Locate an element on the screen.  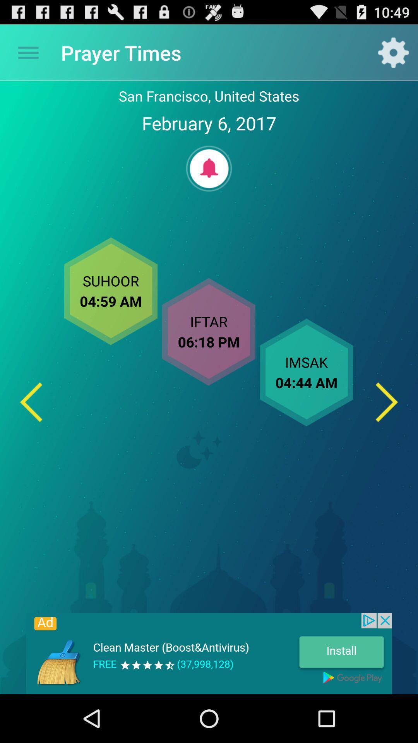
the next option is located at coordinates (387, 402).